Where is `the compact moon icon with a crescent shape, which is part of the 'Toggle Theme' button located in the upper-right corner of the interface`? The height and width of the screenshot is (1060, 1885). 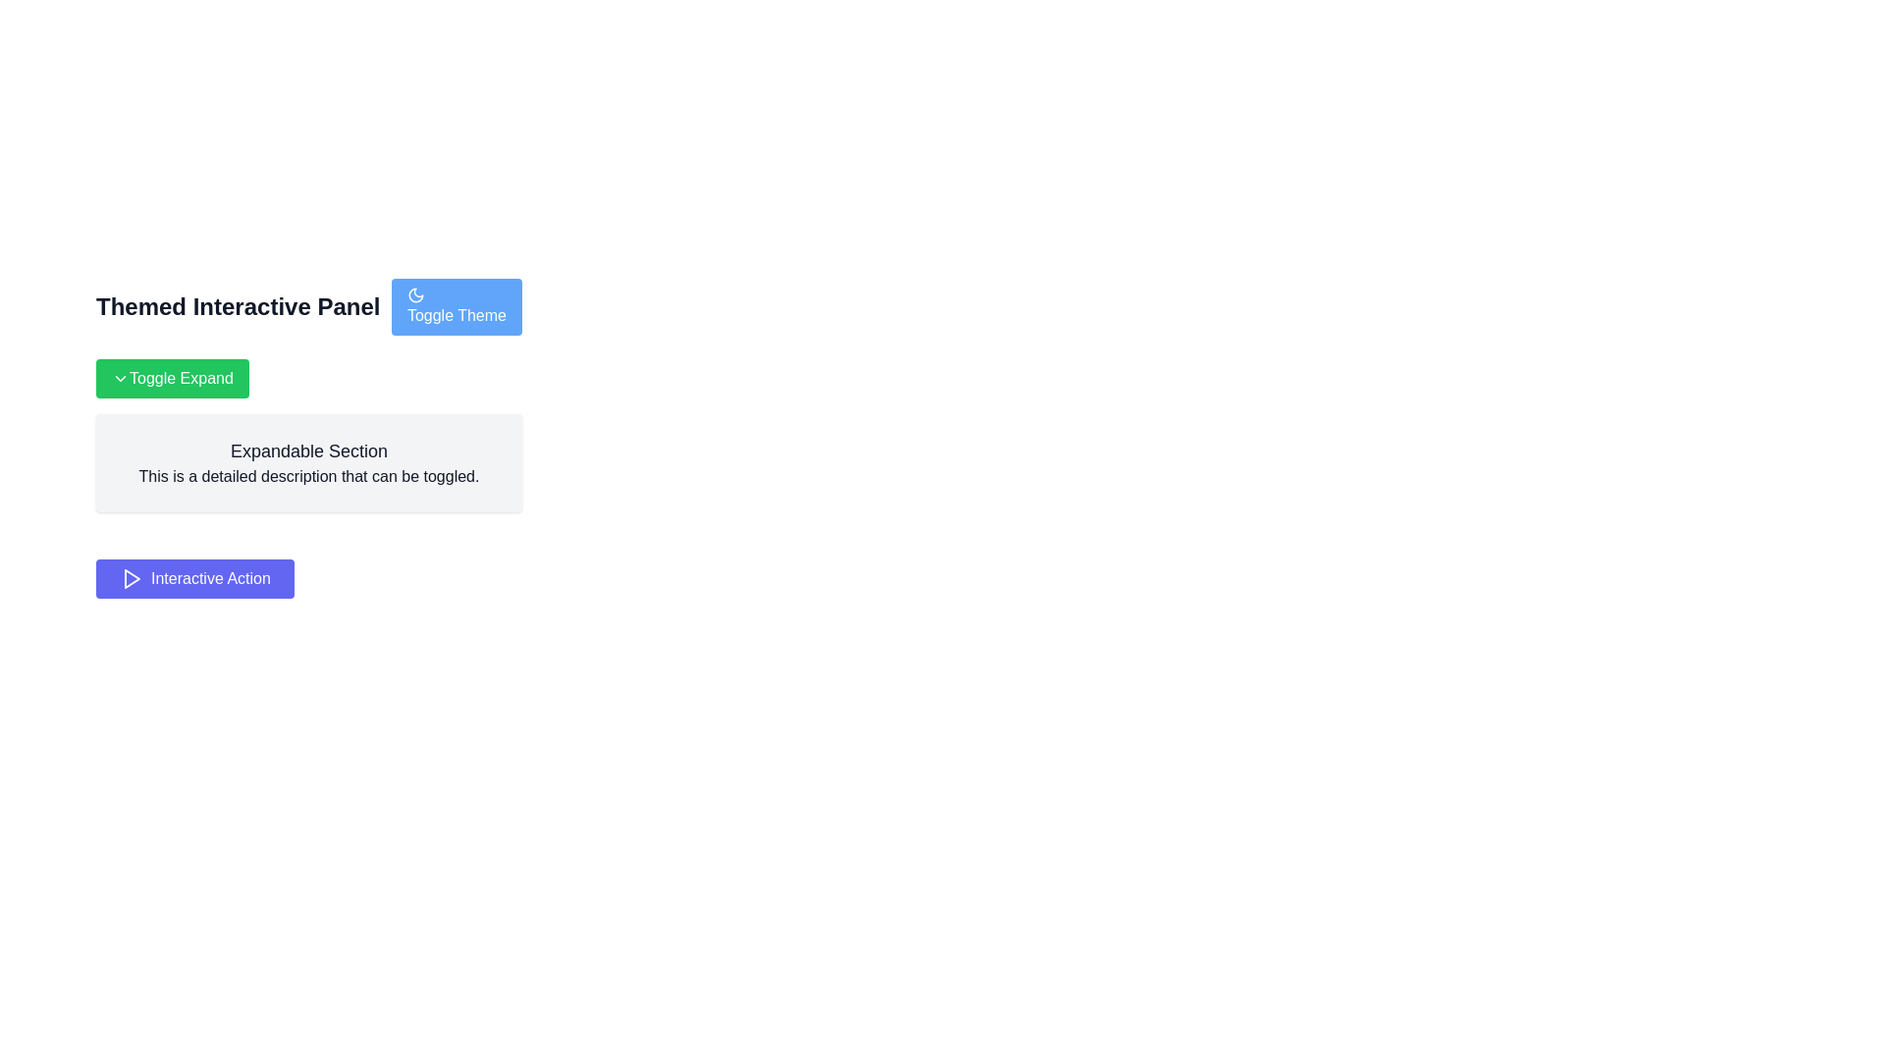 the compact moon icon with a crescent shape, which is part of the 'Toggle Theme' button located in the upper-right corner of the interface is located at coordinates (414, 294).